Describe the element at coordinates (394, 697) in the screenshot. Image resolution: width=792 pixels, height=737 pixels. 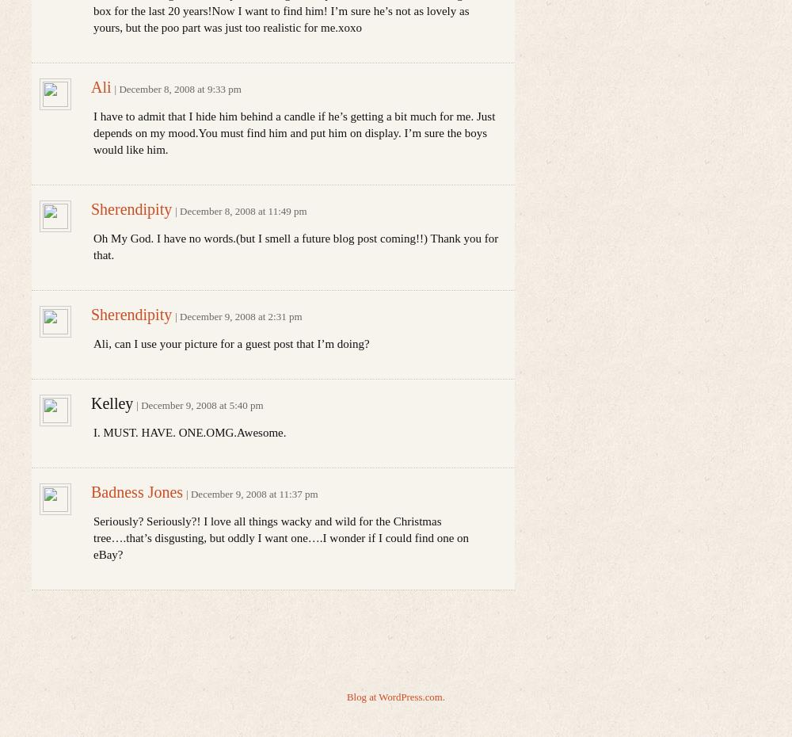
I see `'Blog at WordPress.com.'` at that location.